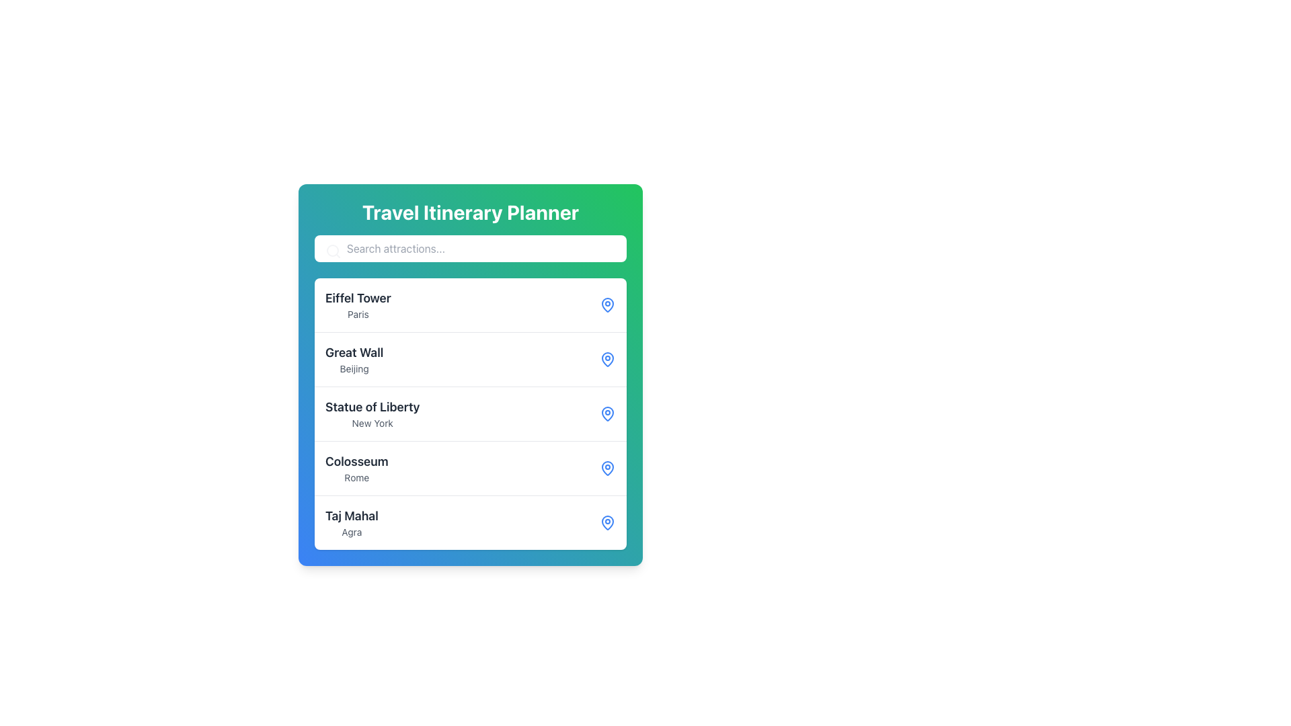  I want to click on the blue droplet-shaped pin icon element located adjacent to the 'Taj Mahal' entry in the list, so click(607, 521).